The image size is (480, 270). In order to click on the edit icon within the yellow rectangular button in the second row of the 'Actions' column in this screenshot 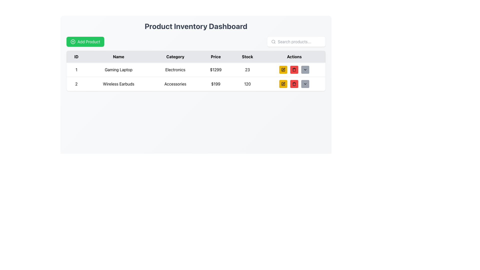, I will do `click(283, 83)`.